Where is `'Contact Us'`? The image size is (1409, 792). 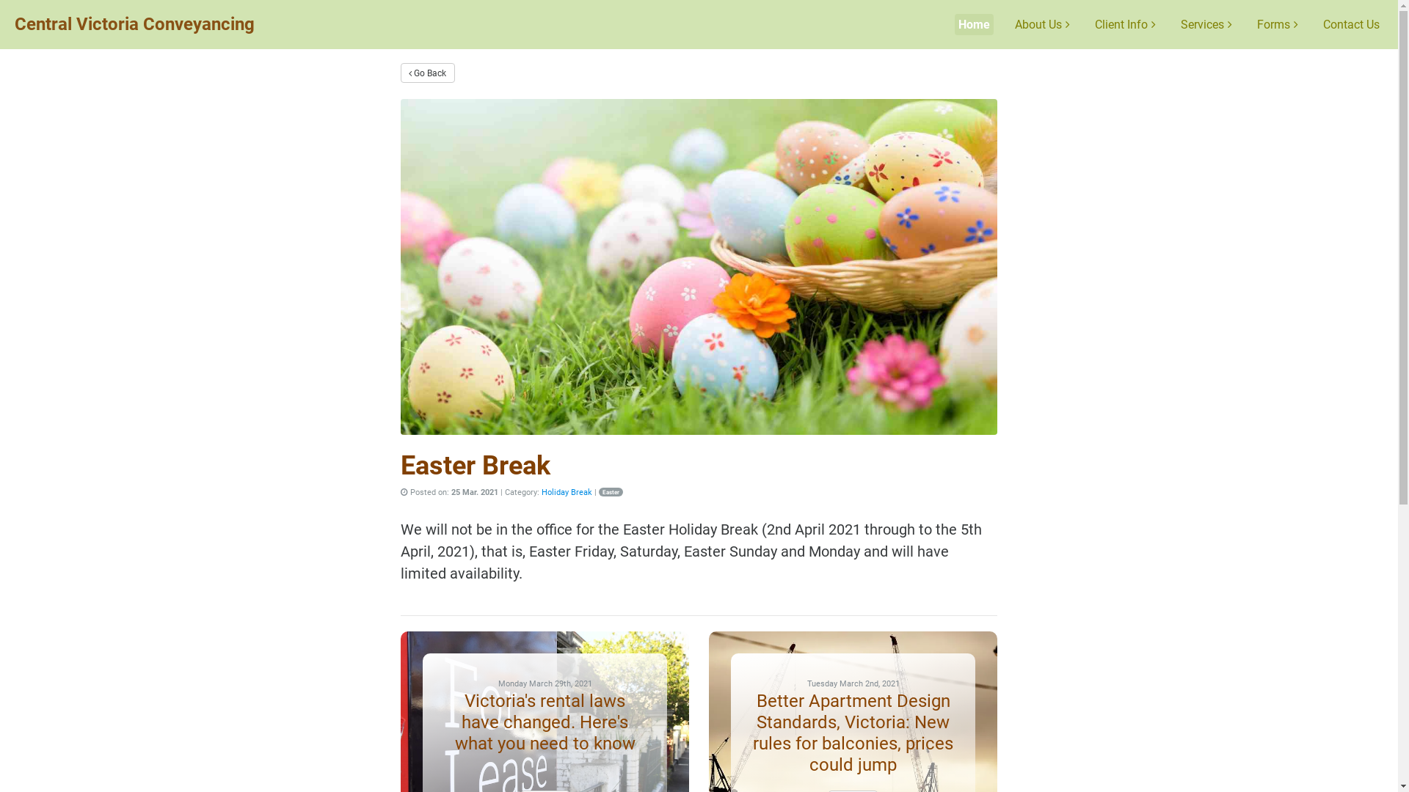
'Contact Us' is located at coordinates (1350, 24).